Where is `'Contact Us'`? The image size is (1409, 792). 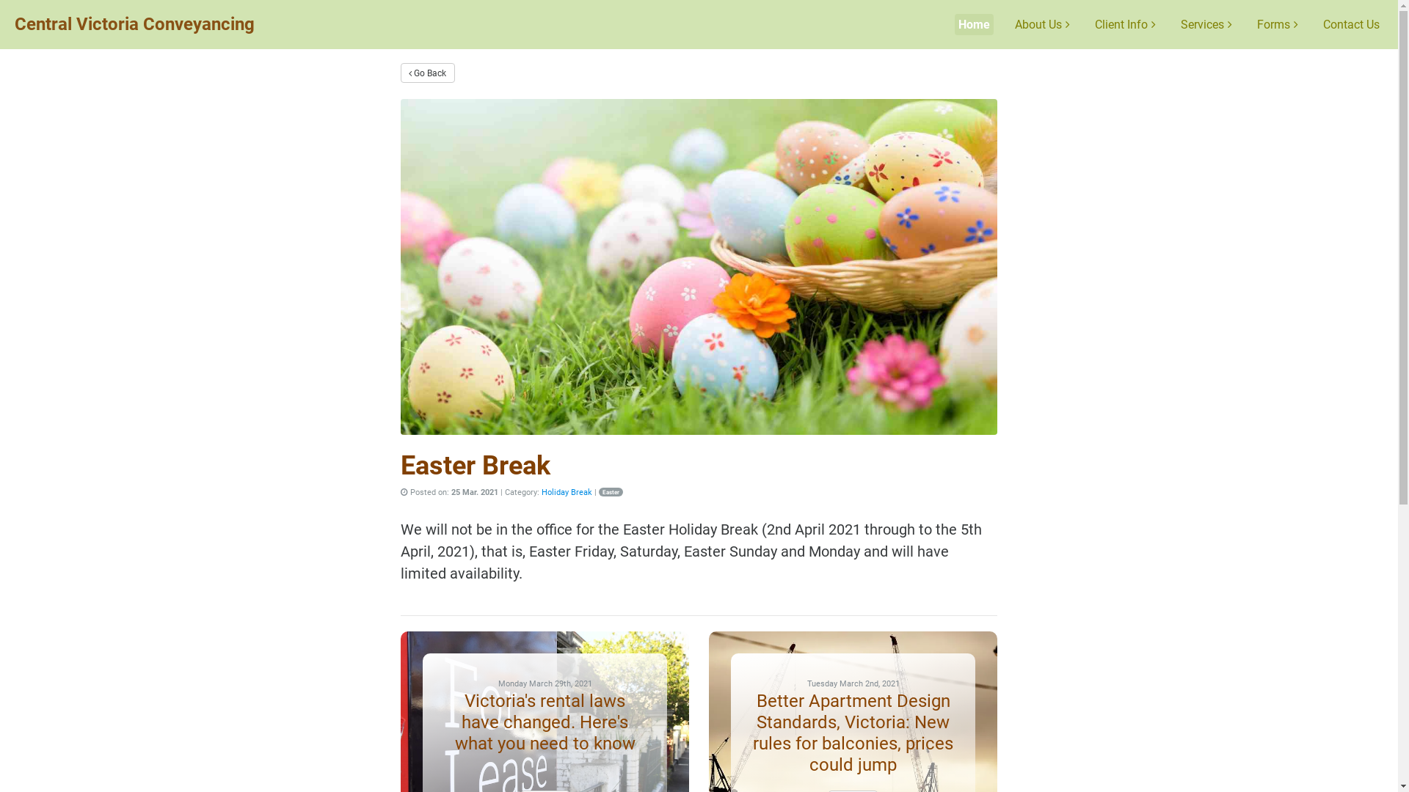
'Contact Us' is located at coordinates (1350, 24).